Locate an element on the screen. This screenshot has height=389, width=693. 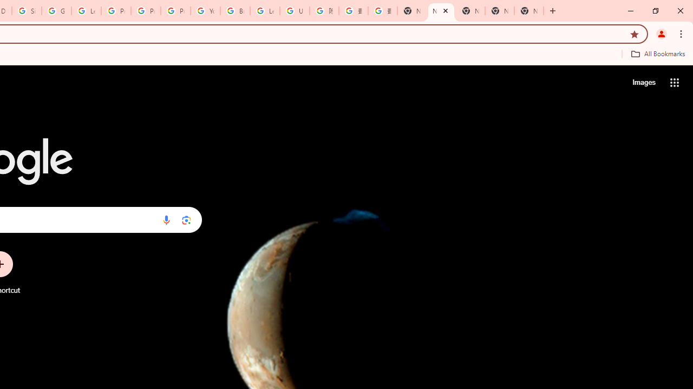
'YouTube' is located at coordinates (205, 11).